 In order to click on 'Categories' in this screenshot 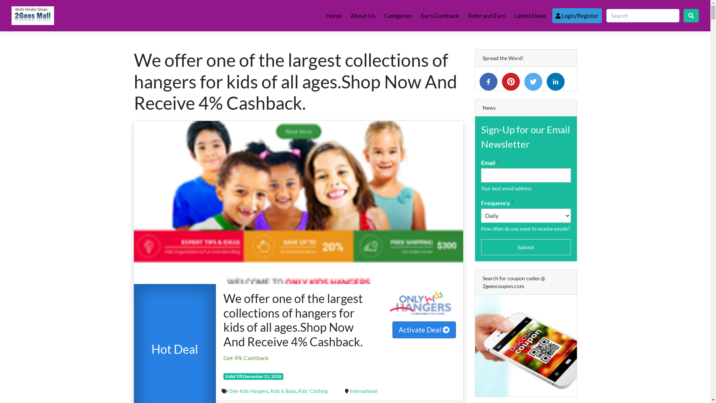, I will do `click(398, 16)`.